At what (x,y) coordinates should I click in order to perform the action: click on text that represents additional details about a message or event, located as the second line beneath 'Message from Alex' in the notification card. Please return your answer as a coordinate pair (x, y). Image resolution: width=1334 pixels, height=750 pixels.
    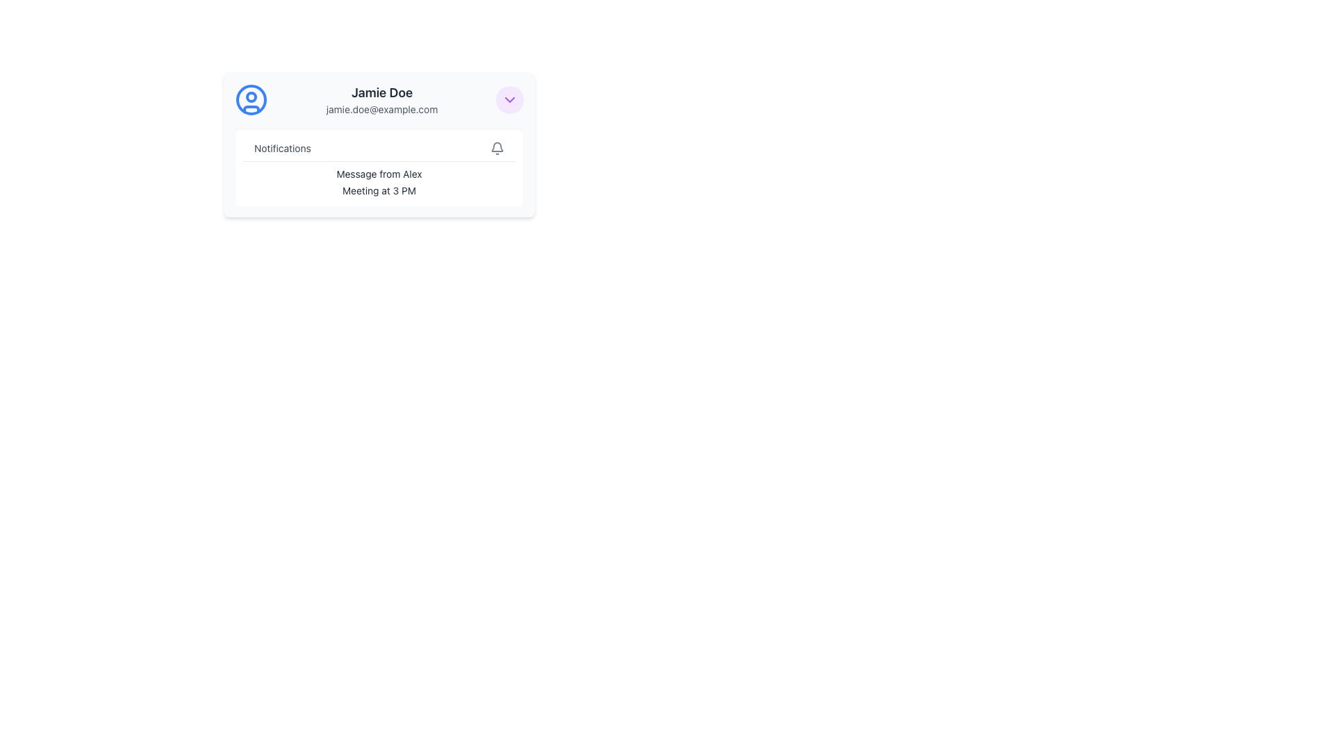
    Looking at the image, I should click on (379, 190).